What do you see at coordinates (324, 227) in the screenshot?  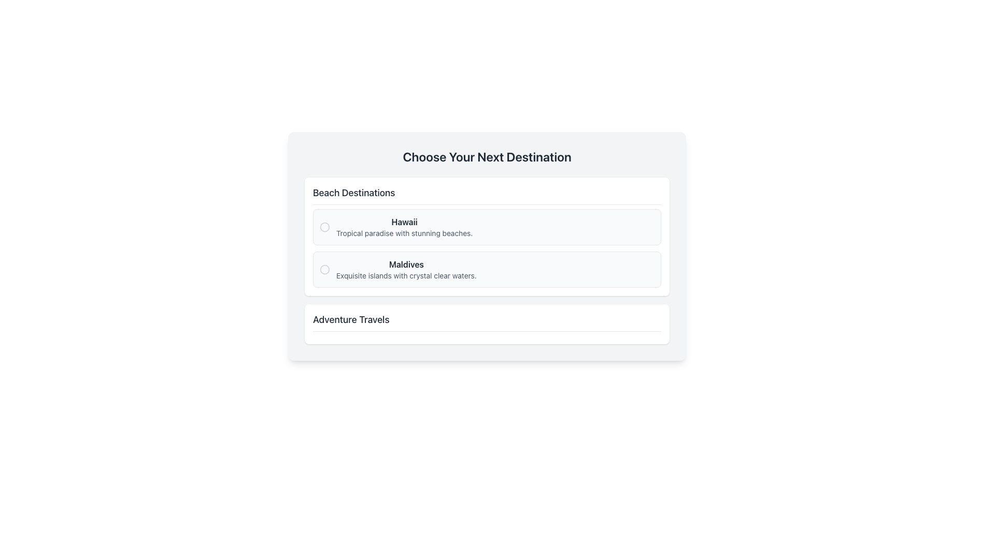 I see `the circular Radio Button Indicator located to the left of the 'Hawaii' text` at bounding box center [324, 227].